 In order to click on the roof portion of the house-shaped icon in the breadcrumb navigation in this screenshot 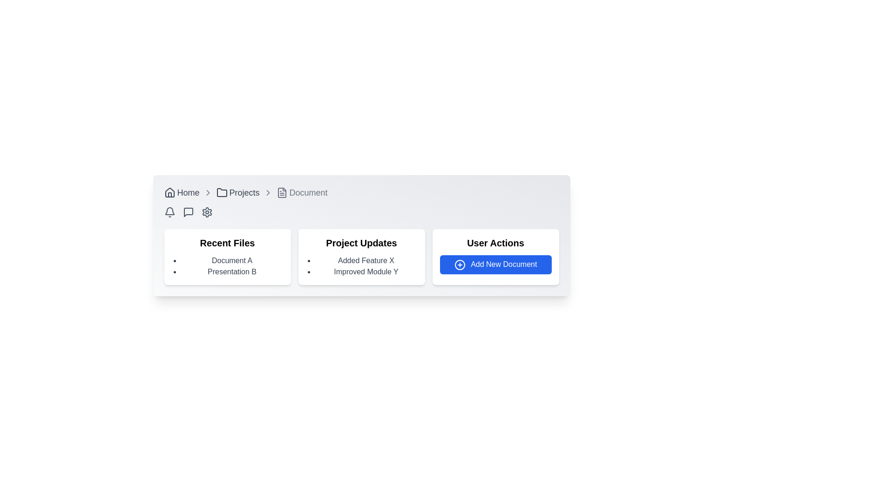, I will do `click(169, 192)`.